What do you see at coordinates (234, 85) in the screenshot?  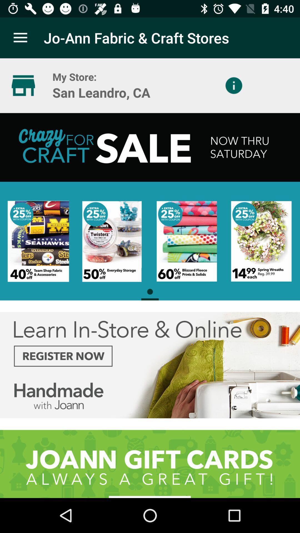 I see `icon at the top right corner` at bounding box center [234, 85].